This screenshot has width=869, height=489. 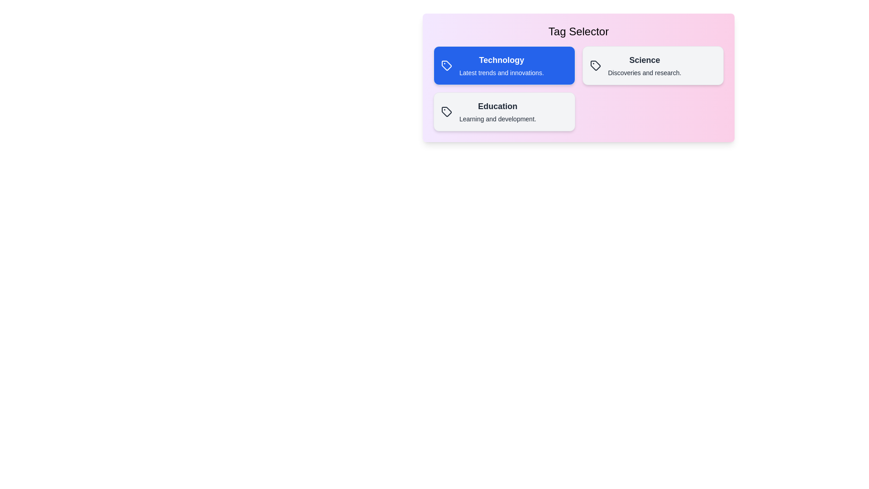 What do you see at coordinates (504, 65) in the screenshot?
I see `the tag Technology to toggle its selection status` at bounding box center [504, 65].